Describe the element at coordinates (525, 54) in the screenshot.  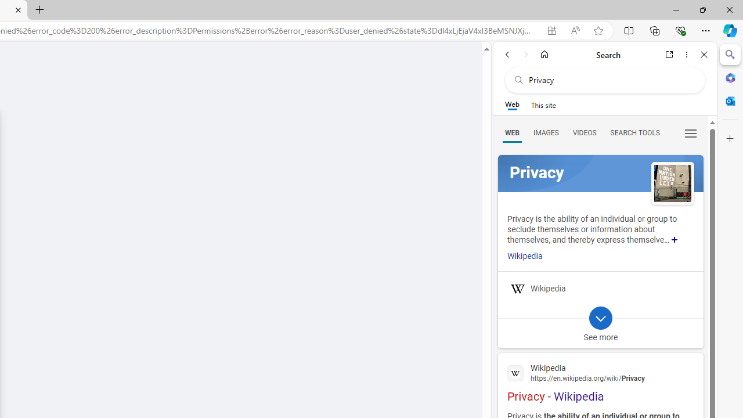
I see `'Forward'` at that location.